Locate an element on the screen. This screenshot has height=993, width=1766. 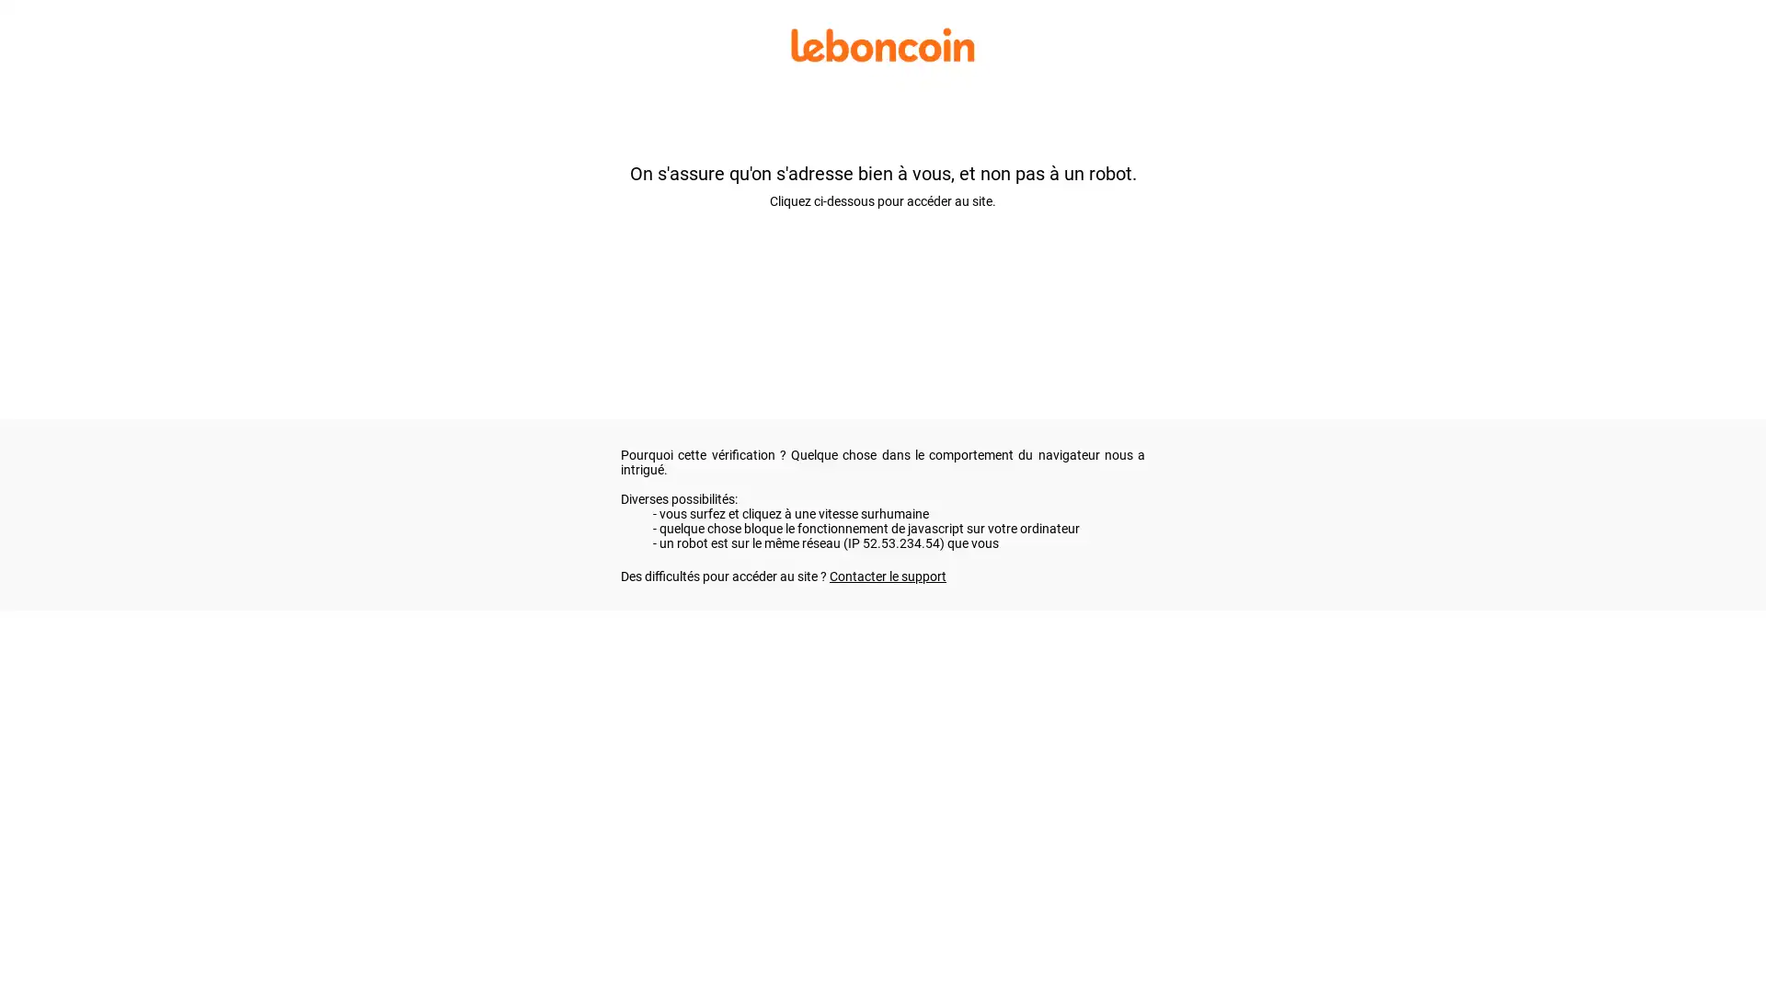
categories-cta is located at coordinates (562, 214).